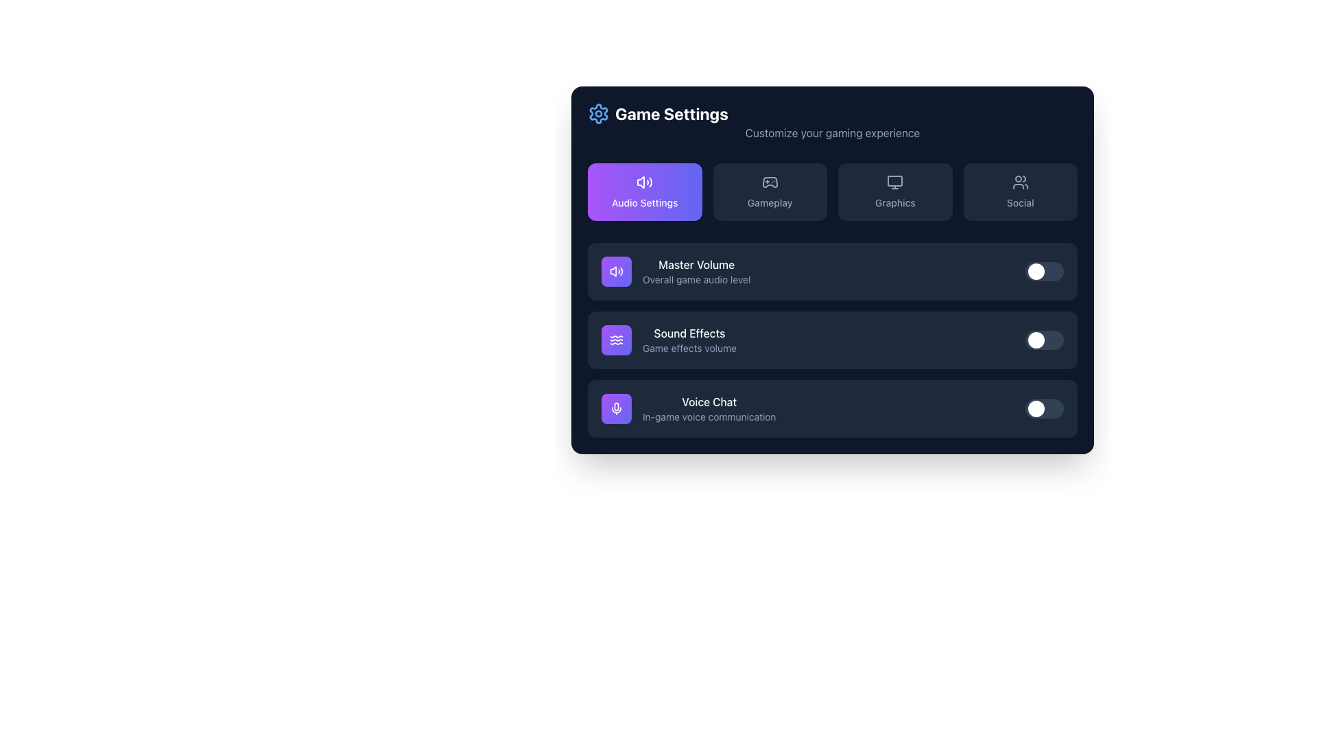 The height and width of the screenshot is (741, 1317). Describe the element at coordinates (696, 272) in the screenshot. I see `the 'Master Volume' text label in the 'Audio Settings' section, which describes the purpose of adjusting the overall game audio level, located to the right of a purple speaker icon` at that location.